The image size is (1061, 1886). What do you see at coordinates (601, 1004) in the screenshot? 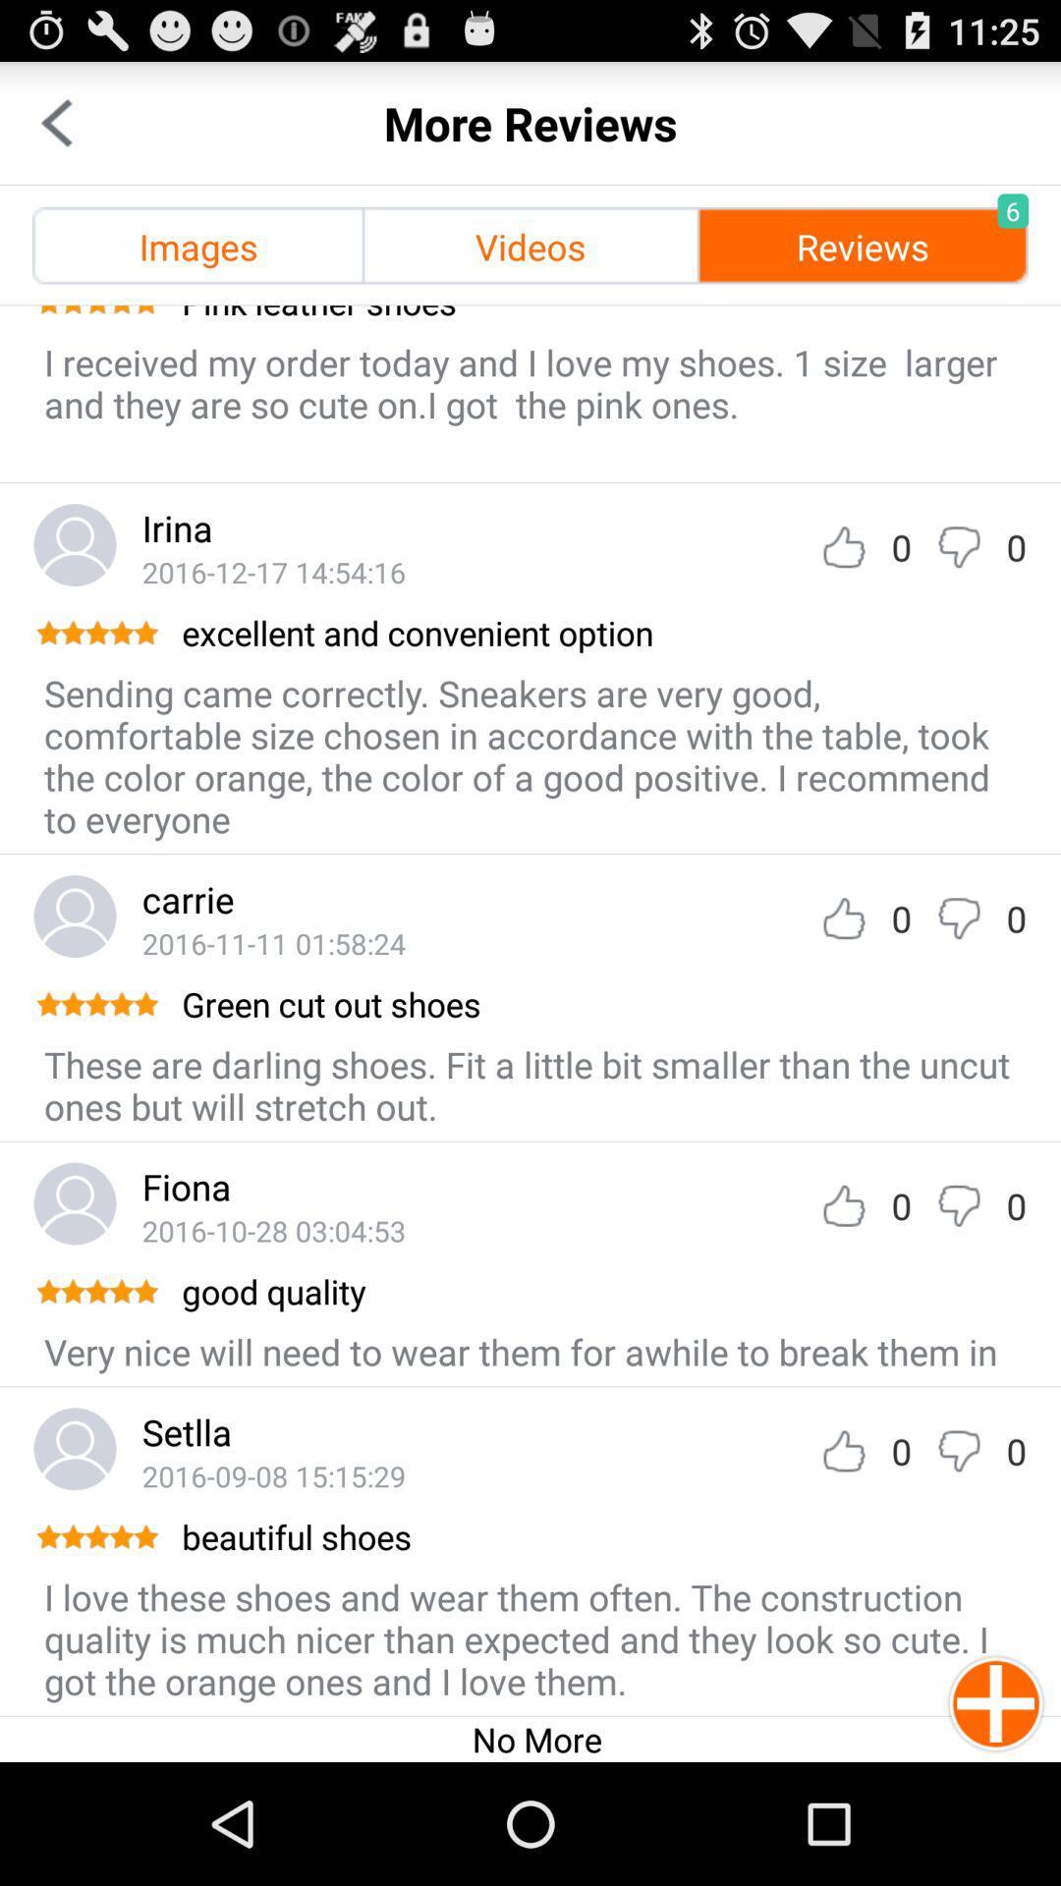
I see `the app below the 2016 11 11 icon` at bounding box center [601, 1004].